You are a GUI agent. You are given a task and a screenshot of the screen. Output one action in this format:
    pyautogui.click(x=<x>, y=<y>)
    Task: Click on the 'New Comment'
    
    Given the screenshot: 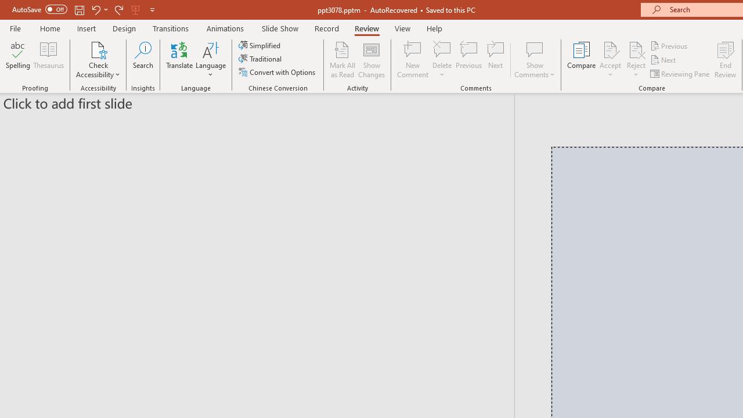 What is the action you would take?
    pyautogui.click(x=413, y=60)
    